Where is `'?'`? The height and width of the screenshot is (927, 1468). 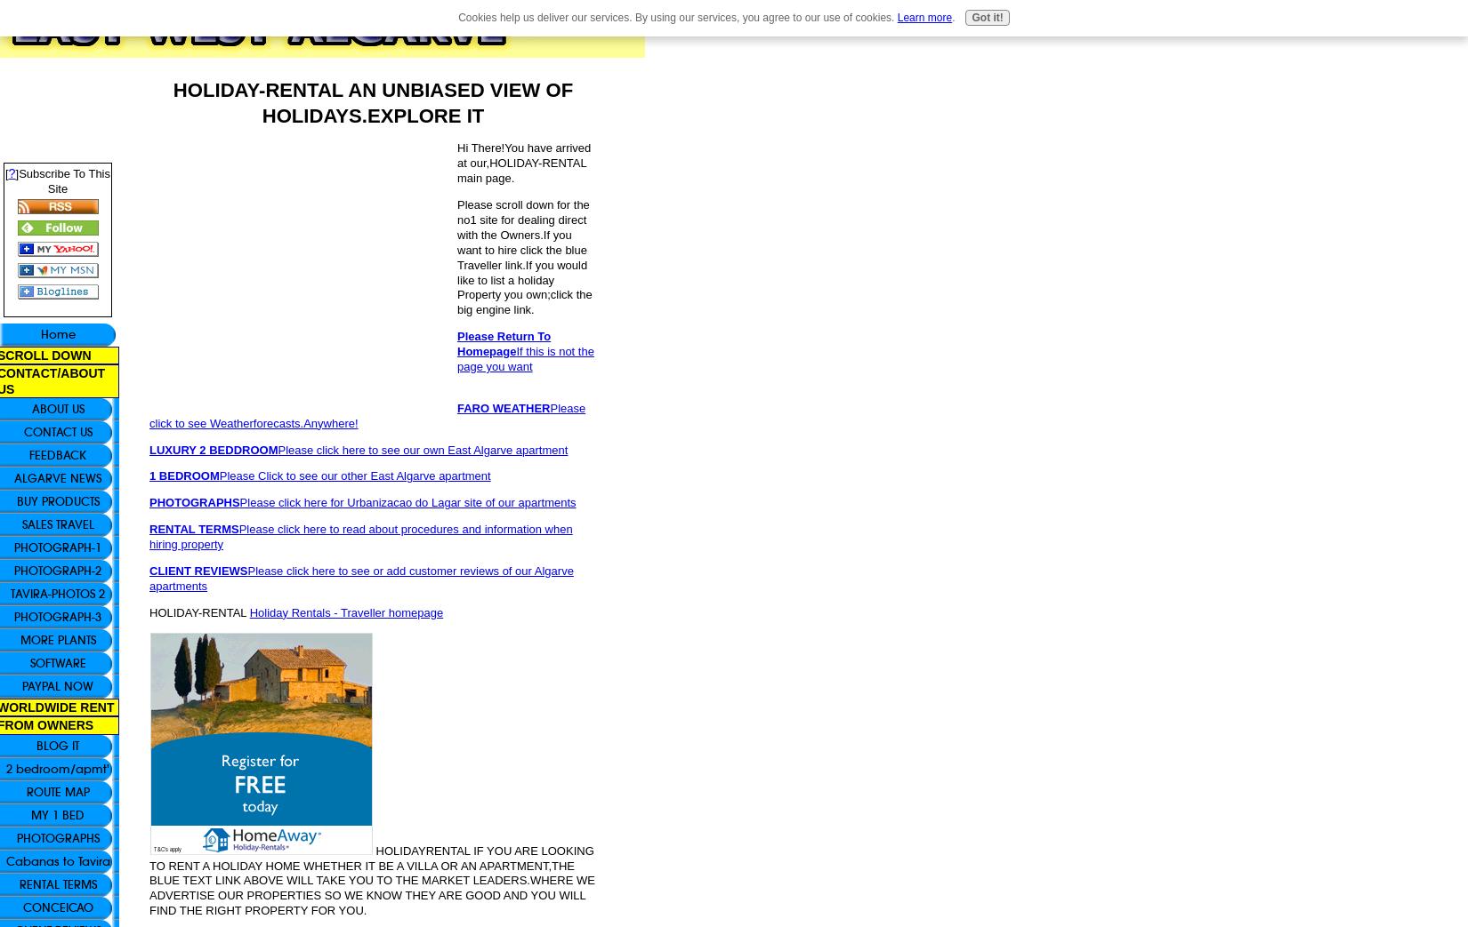 '?' is located at coordinates (8, 172).